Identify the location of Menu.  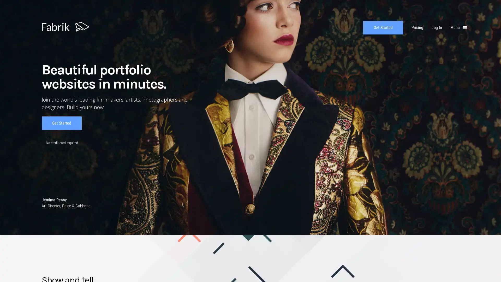
(455, 27).